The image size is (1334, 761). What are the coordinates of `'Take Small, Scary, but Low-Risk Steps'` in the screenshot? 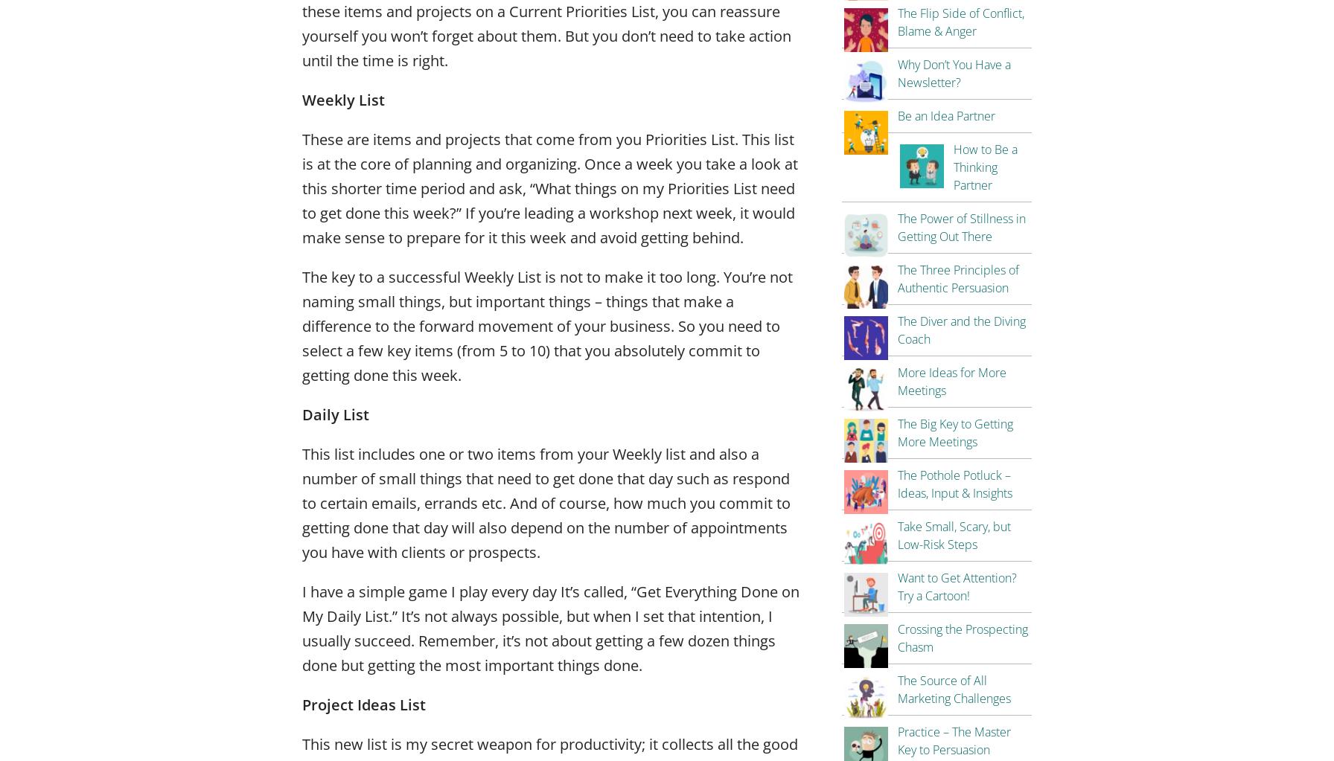 It's located at (898, 535).